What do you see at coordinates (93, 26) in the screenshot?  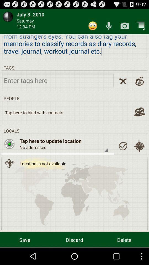 I see `item above we all are` at bounding box center [93, 26].